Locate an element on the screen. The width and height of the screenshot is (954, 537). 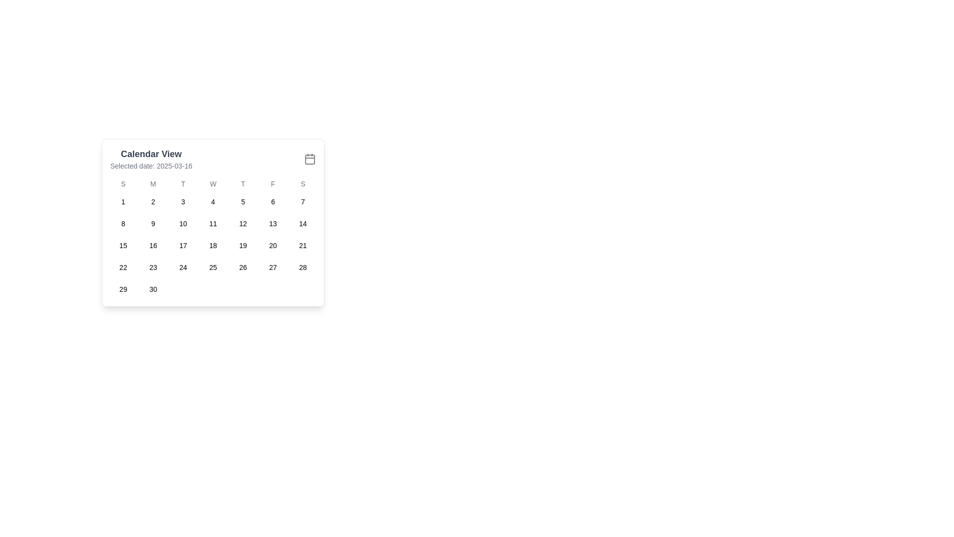
to select the date '20' in the calendar grid, which is visually highlighted and located in the fifth row and sixth column is located at coordinates (273, 245).